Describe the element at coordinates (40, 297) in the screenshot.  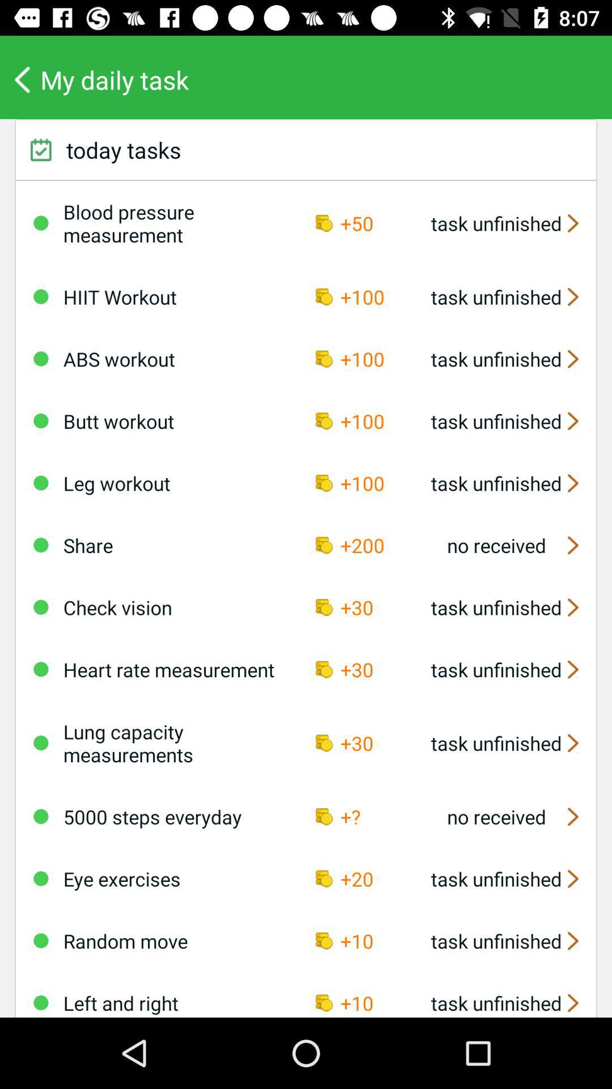
I see `task` at that location.